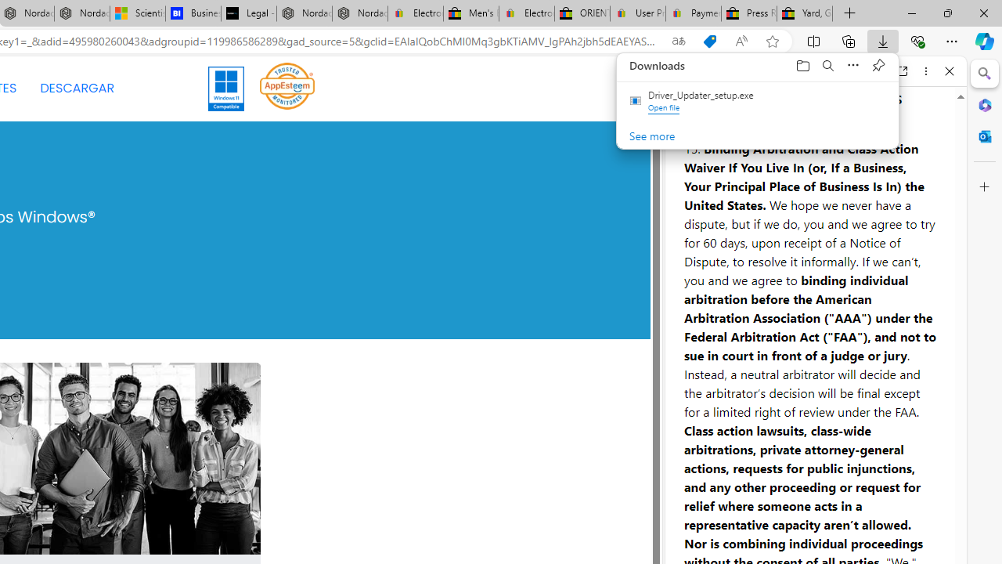 The image size is (1002, 564). Describe the element at coordinates (802, 64) in the screenshot. I see `'Open downloads folder'` at that location.